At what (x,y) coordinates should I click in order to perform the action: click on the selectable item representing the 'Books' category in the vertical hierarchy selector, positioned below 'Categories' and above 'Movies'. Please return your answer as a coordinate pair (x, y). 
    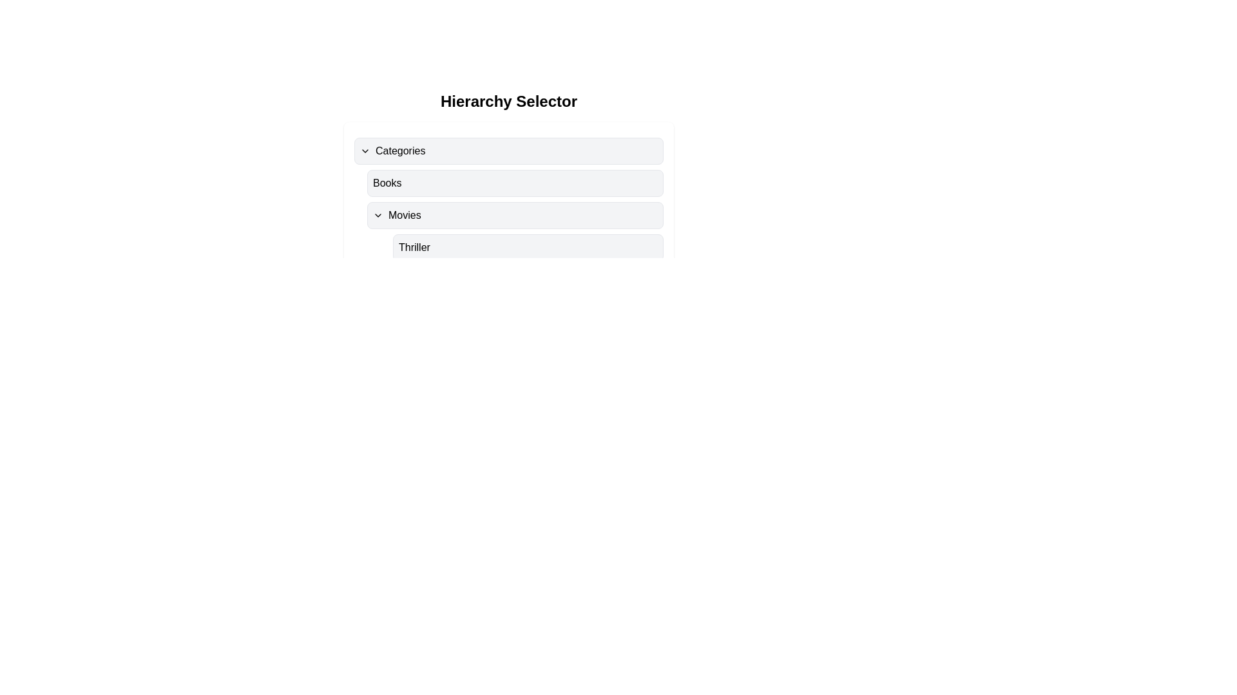
    Looking at the image, I should click on (515, 183).